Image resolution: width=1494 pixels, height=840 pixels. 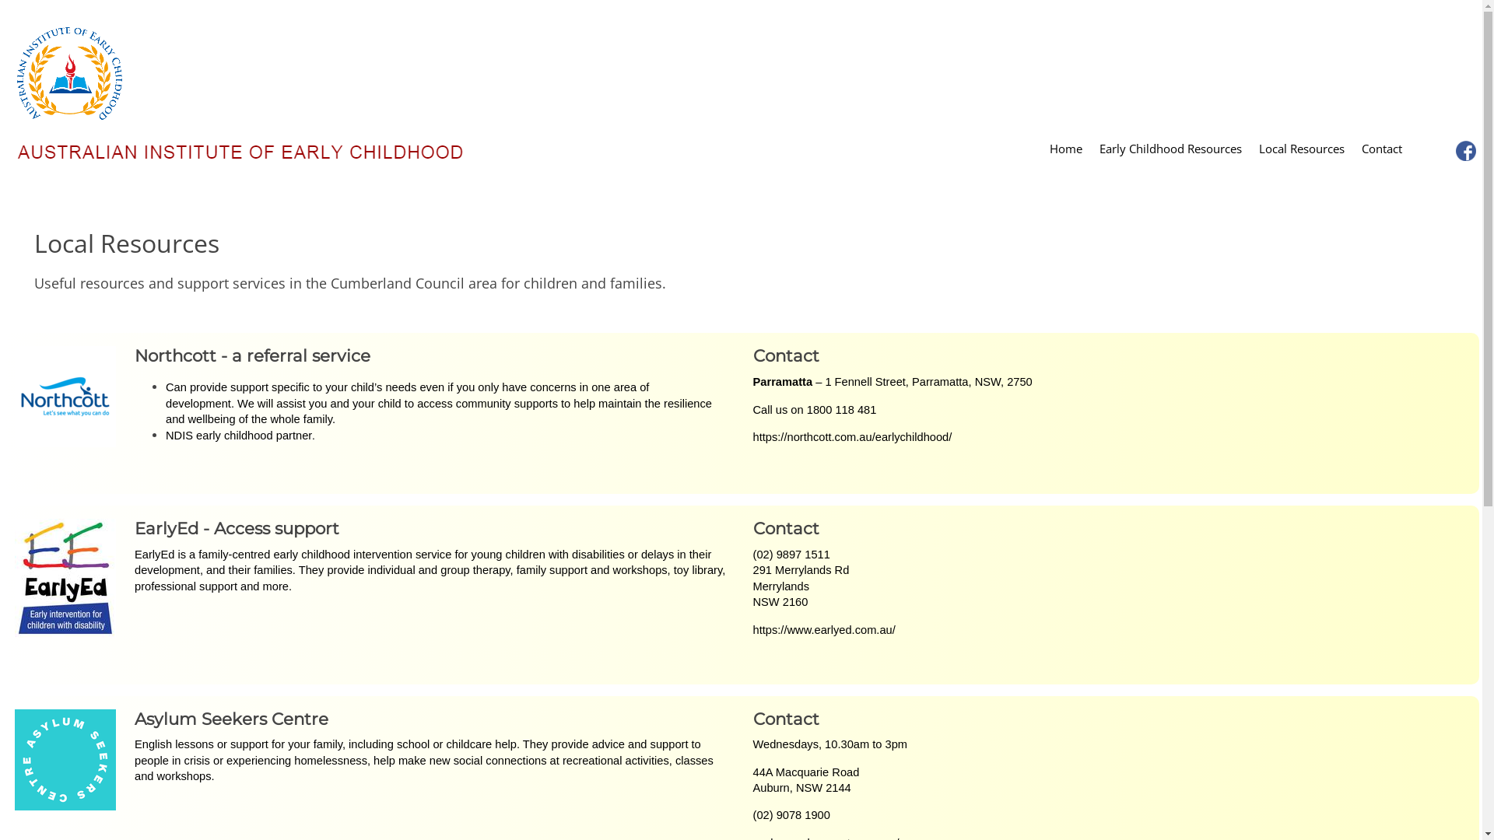 What do you see at coordinates (753, 586) in the screenshot?
I see `'291 Merrylands Rd` at bounding box center [753, 586].